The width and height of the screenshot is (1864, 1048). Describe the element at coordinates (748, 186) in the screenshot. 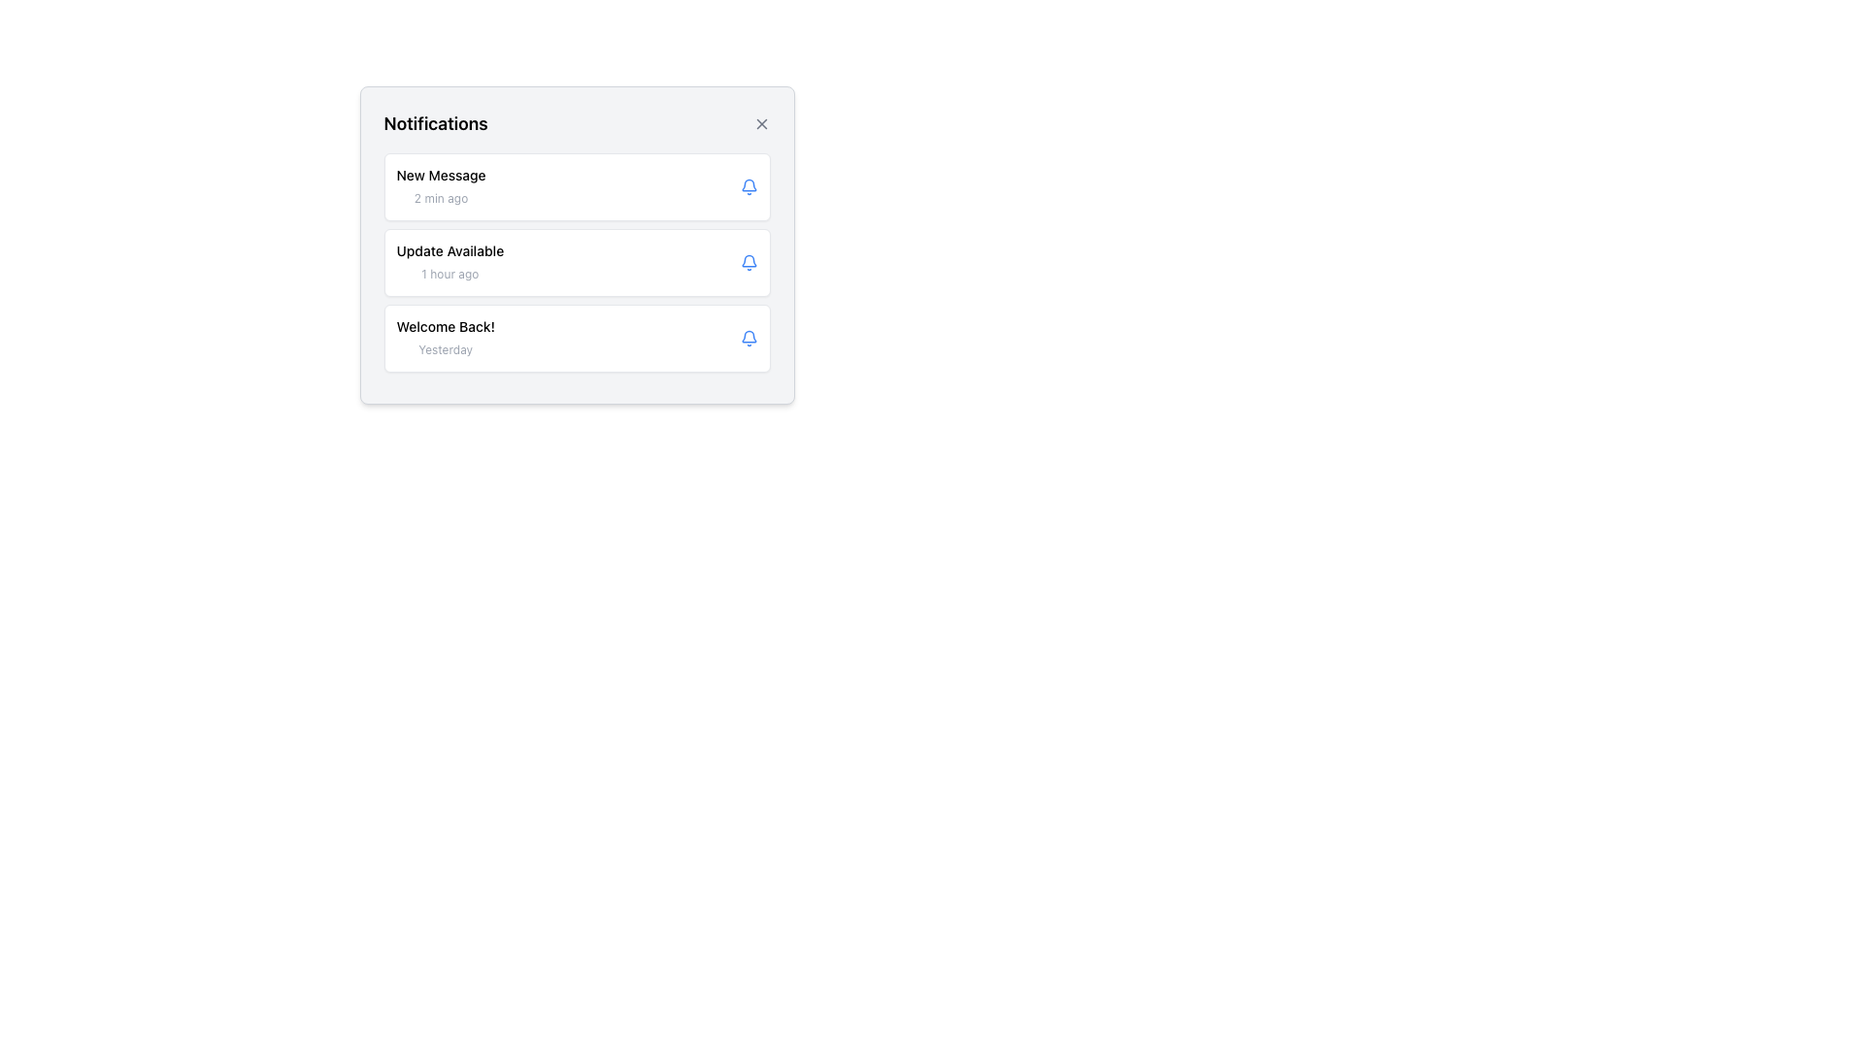

I see `the notification button associated with the 'New Message' notification to change its color` at that location.